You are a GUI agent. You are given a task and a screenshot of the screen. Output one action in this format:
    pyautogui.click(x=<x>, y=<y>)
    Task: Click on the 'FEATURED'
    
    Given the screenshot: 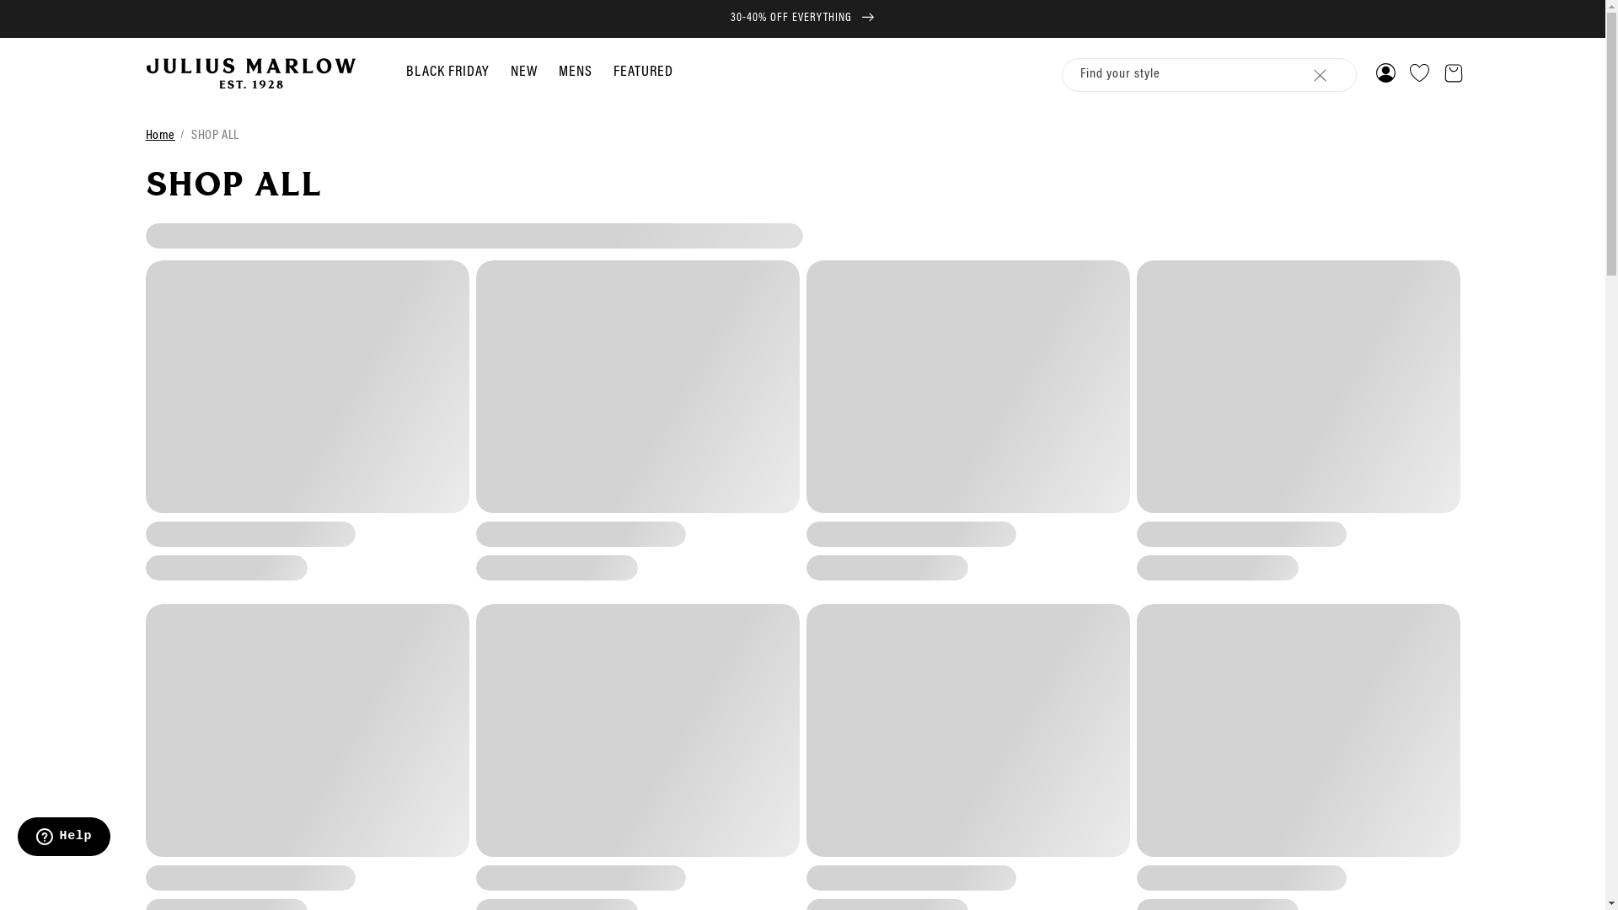 What is the action you would take?
    pyautogui.click(x=642, y=72)
    